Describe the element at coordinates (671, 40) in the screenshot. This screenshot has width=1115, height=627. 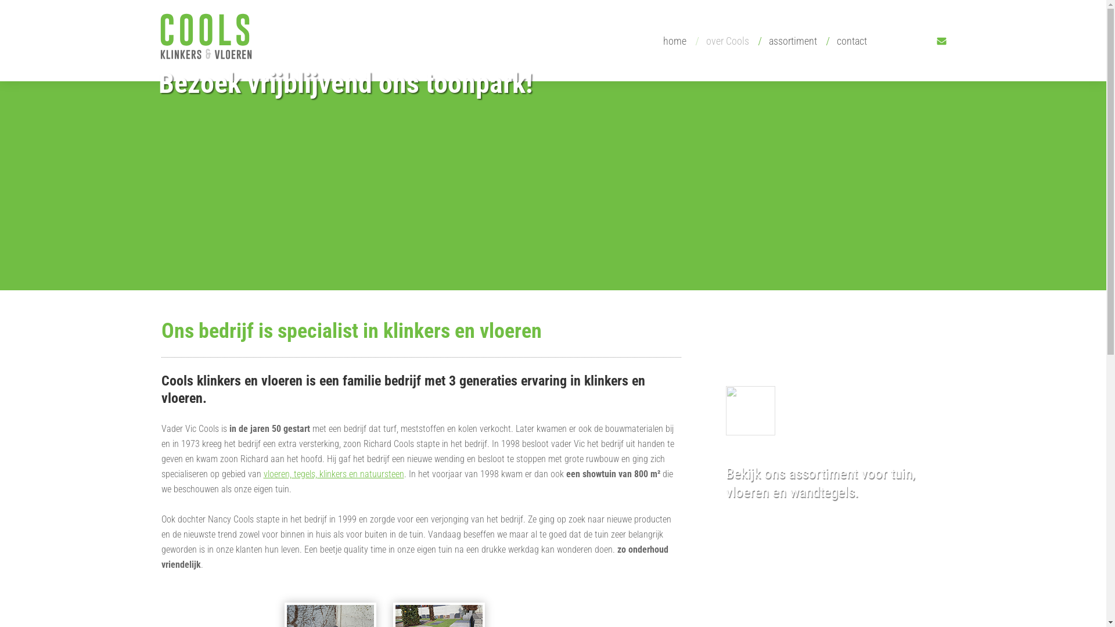
I see `'home'` at that location.